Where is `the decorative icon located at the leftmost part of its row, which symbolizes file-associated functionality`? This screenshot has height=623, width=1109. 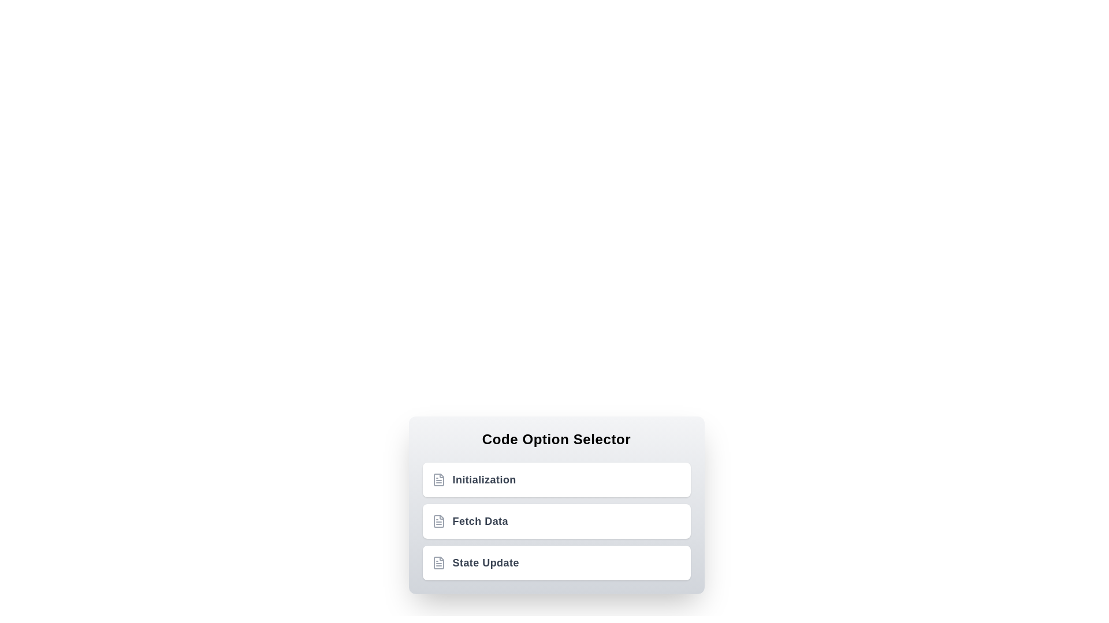 the decorative icon located at the leftmost part of its row, which symbolizes file-associated functionality is located at coordinates (438, 480).